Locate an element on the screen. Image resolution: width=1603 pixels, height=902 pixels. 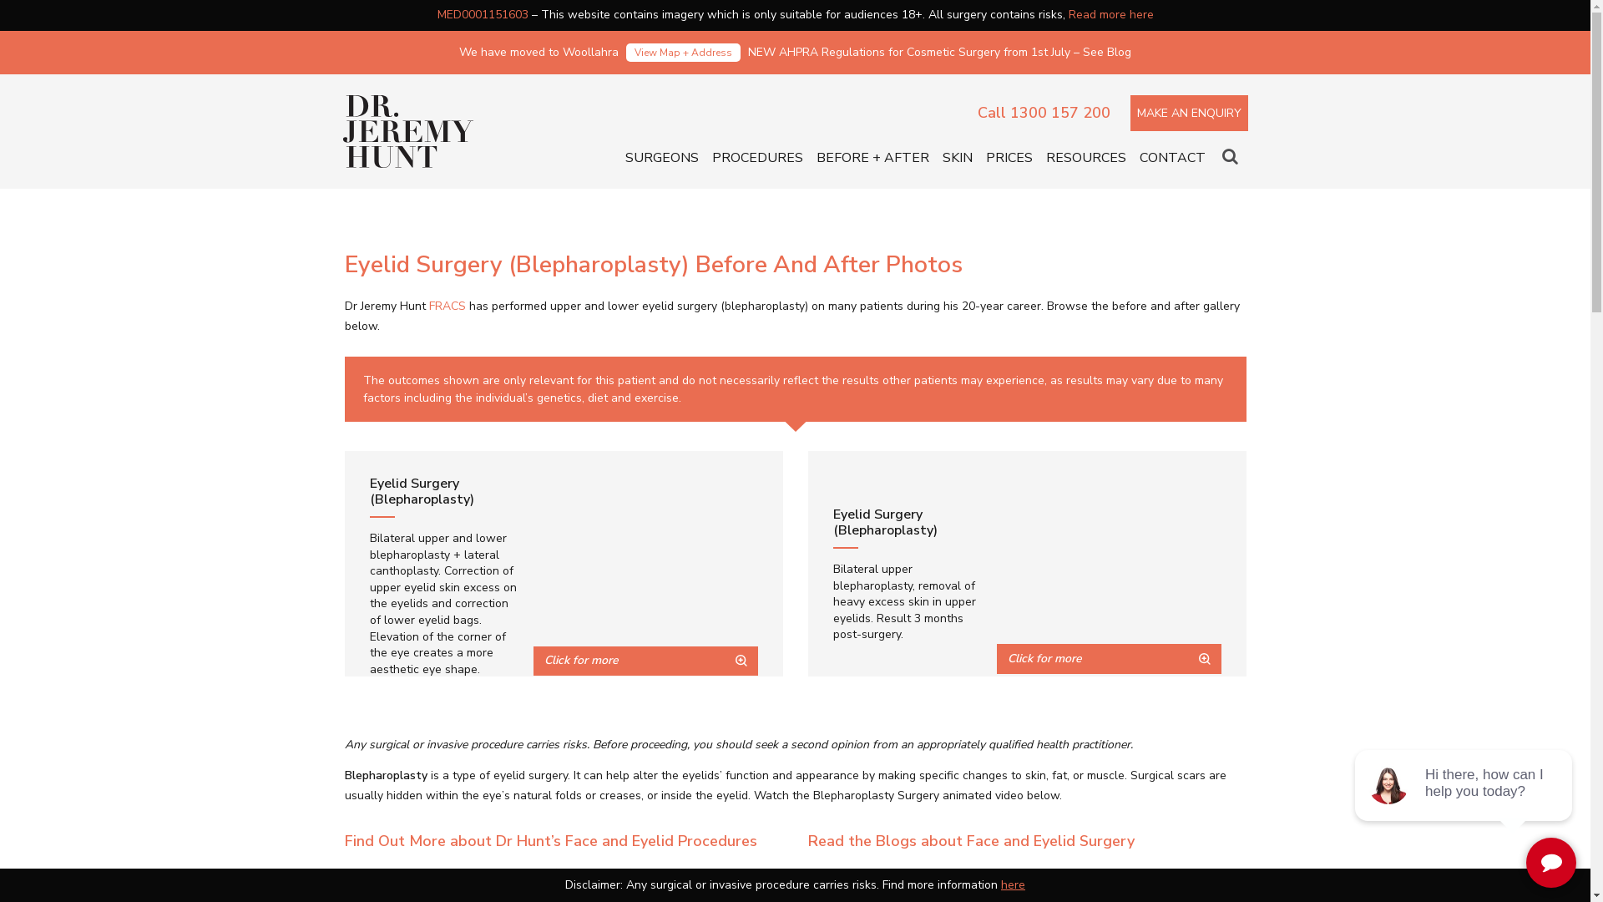
'FRACS' is located at coordinates (448, 306).